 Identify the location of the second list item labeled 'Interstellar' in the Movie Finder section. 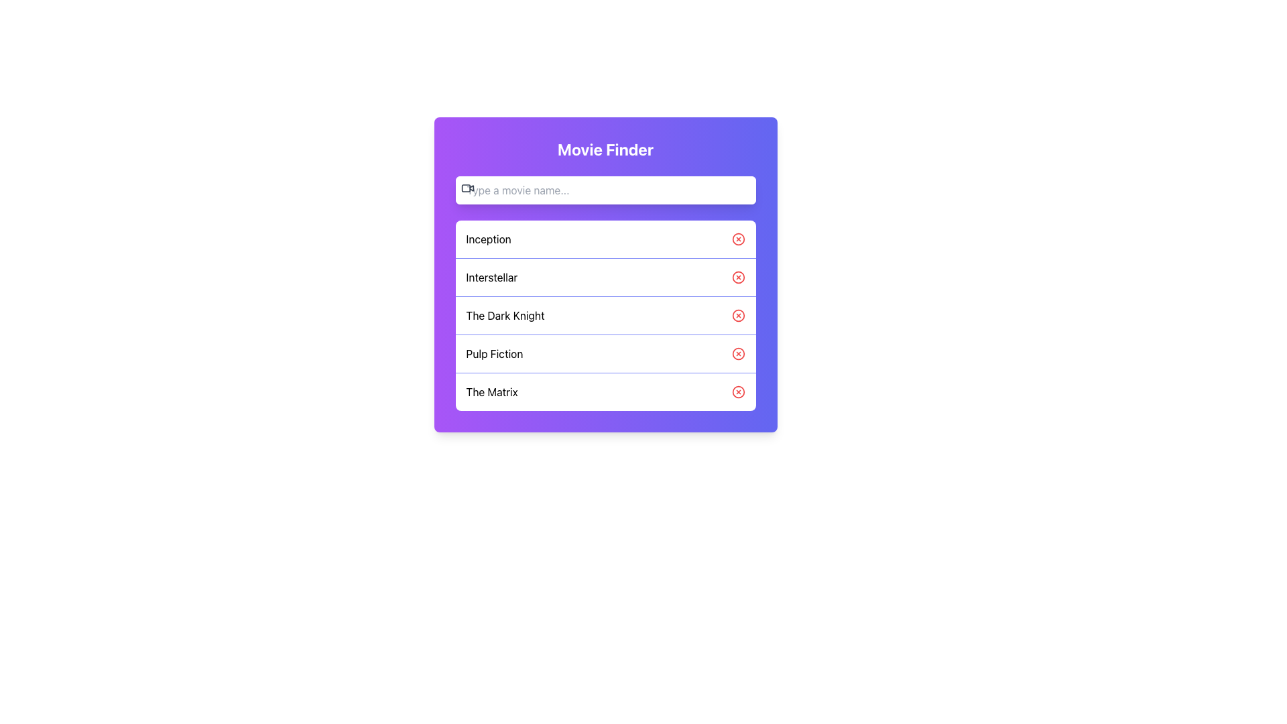
(605, 276).